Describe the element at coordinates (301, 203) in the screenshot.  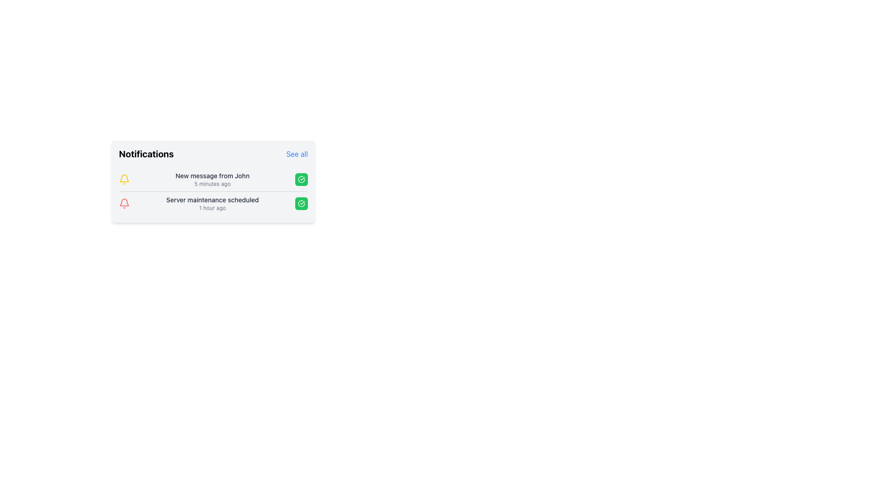
I see `the vector graphic indicating a successful action located on the top notification row, adjacent to the green checkmark icon` at that location.